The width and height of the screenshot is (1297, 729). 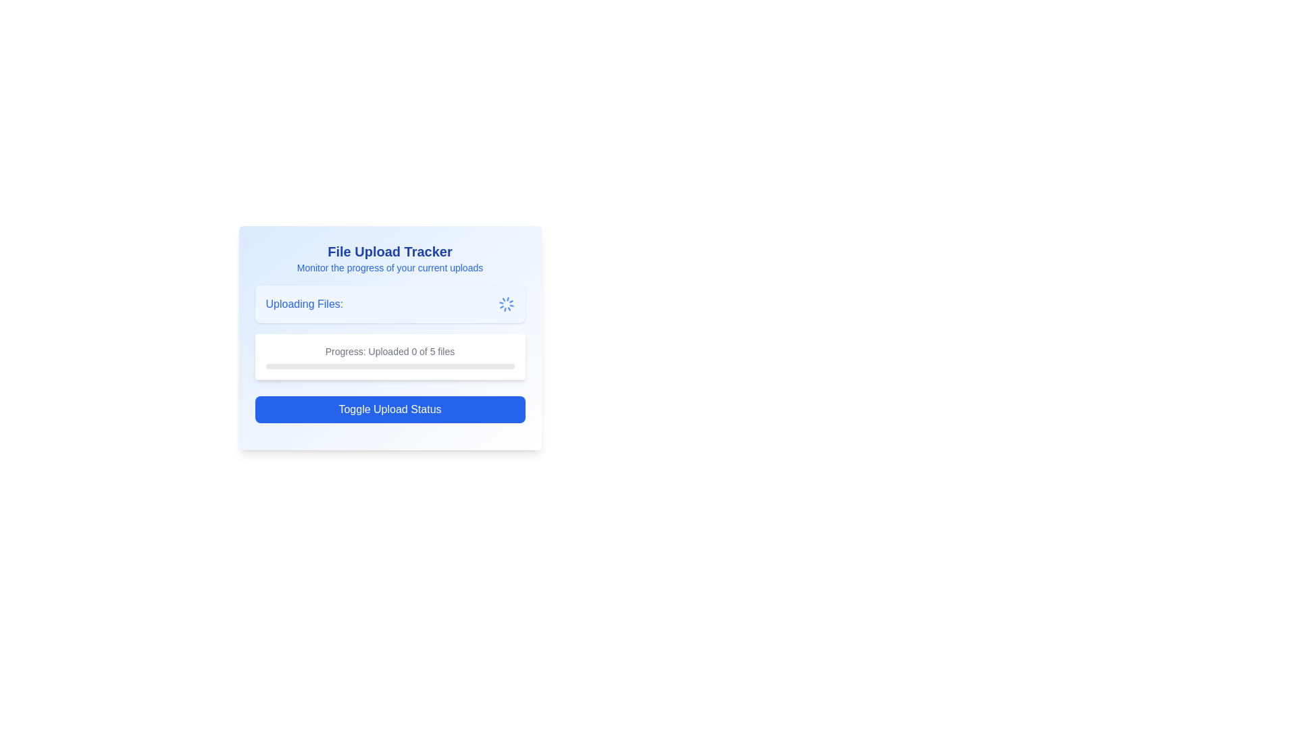 I want to click on the title and subtitle informational component at the top of the card-like structure that indicates the purpose of the file upload tracker, so click(x=389, y=258).